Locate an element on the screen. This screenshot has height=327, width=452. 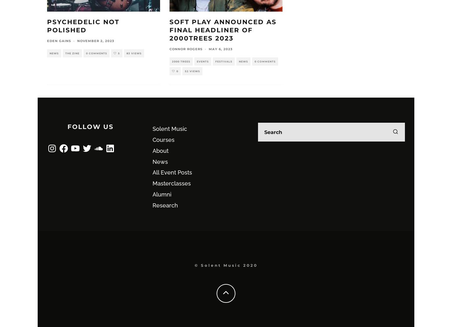
'Eden Gains' is located at coordinates (59, 41).